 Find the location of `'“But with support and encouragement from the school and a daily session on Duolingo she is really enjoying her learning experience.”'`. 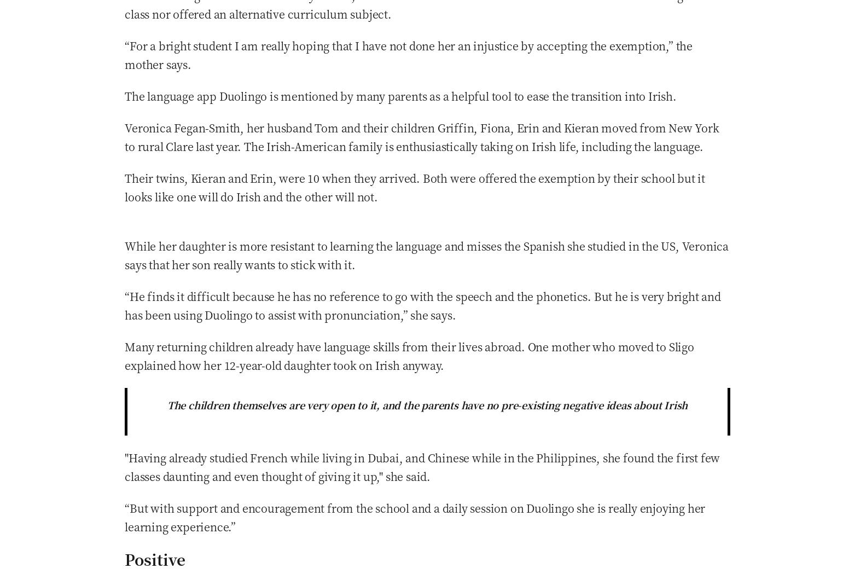

'“But with support and encouragement from the school and a daily session on Duolingo she is really enjoying her learning experience.”' is located at coordinates (415, 516).